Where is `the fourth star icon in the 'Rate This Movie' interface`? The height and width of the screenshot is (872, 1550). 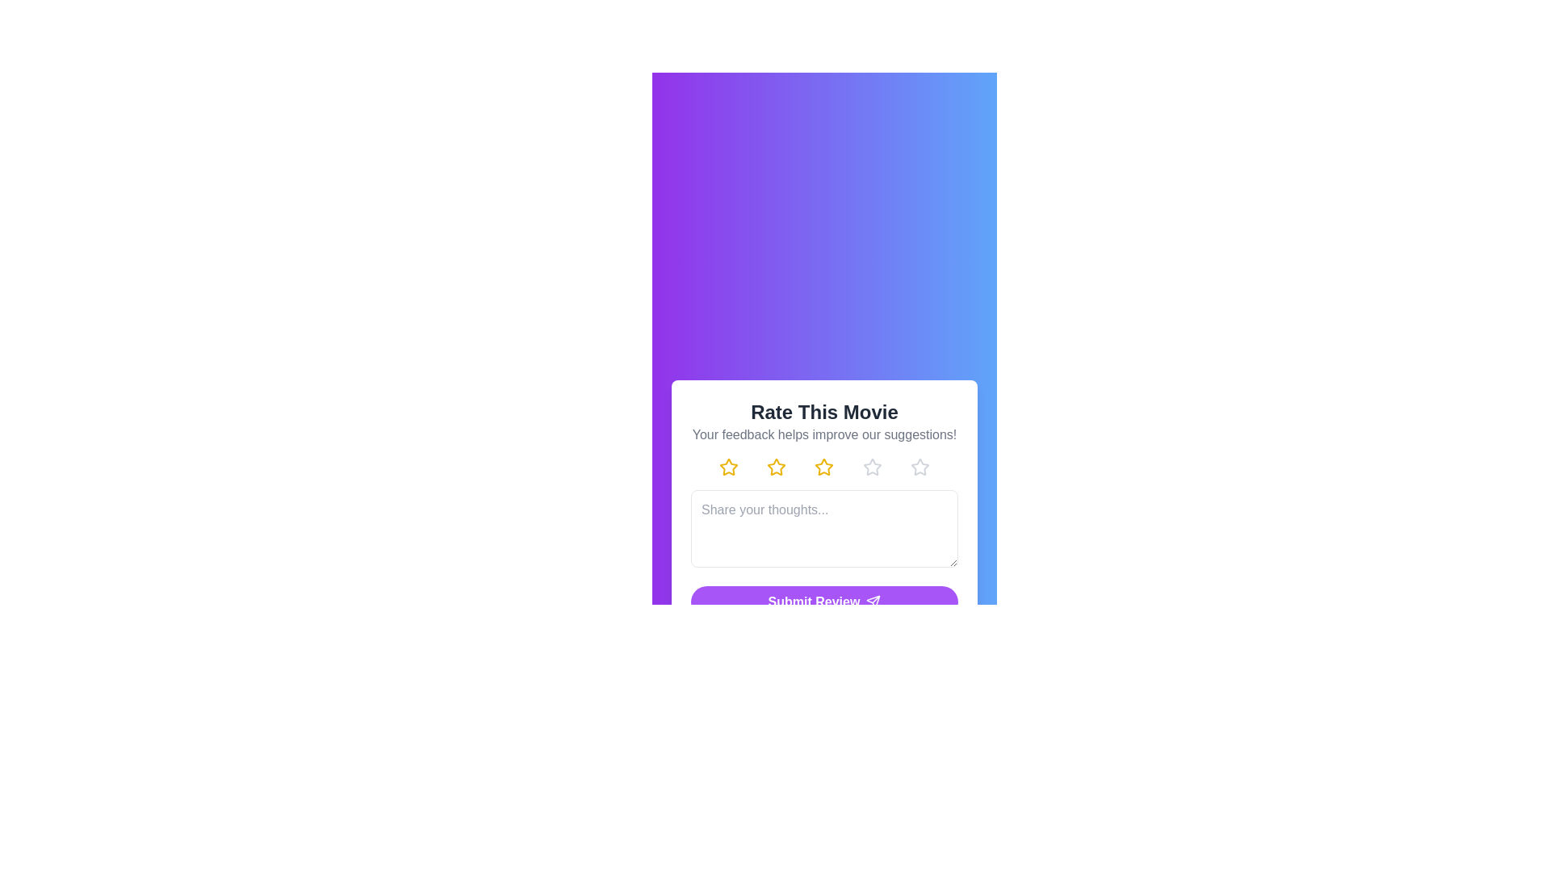 the fourth star icon in the 'Rate This Movie' interface is located at coordinates (871, 467).